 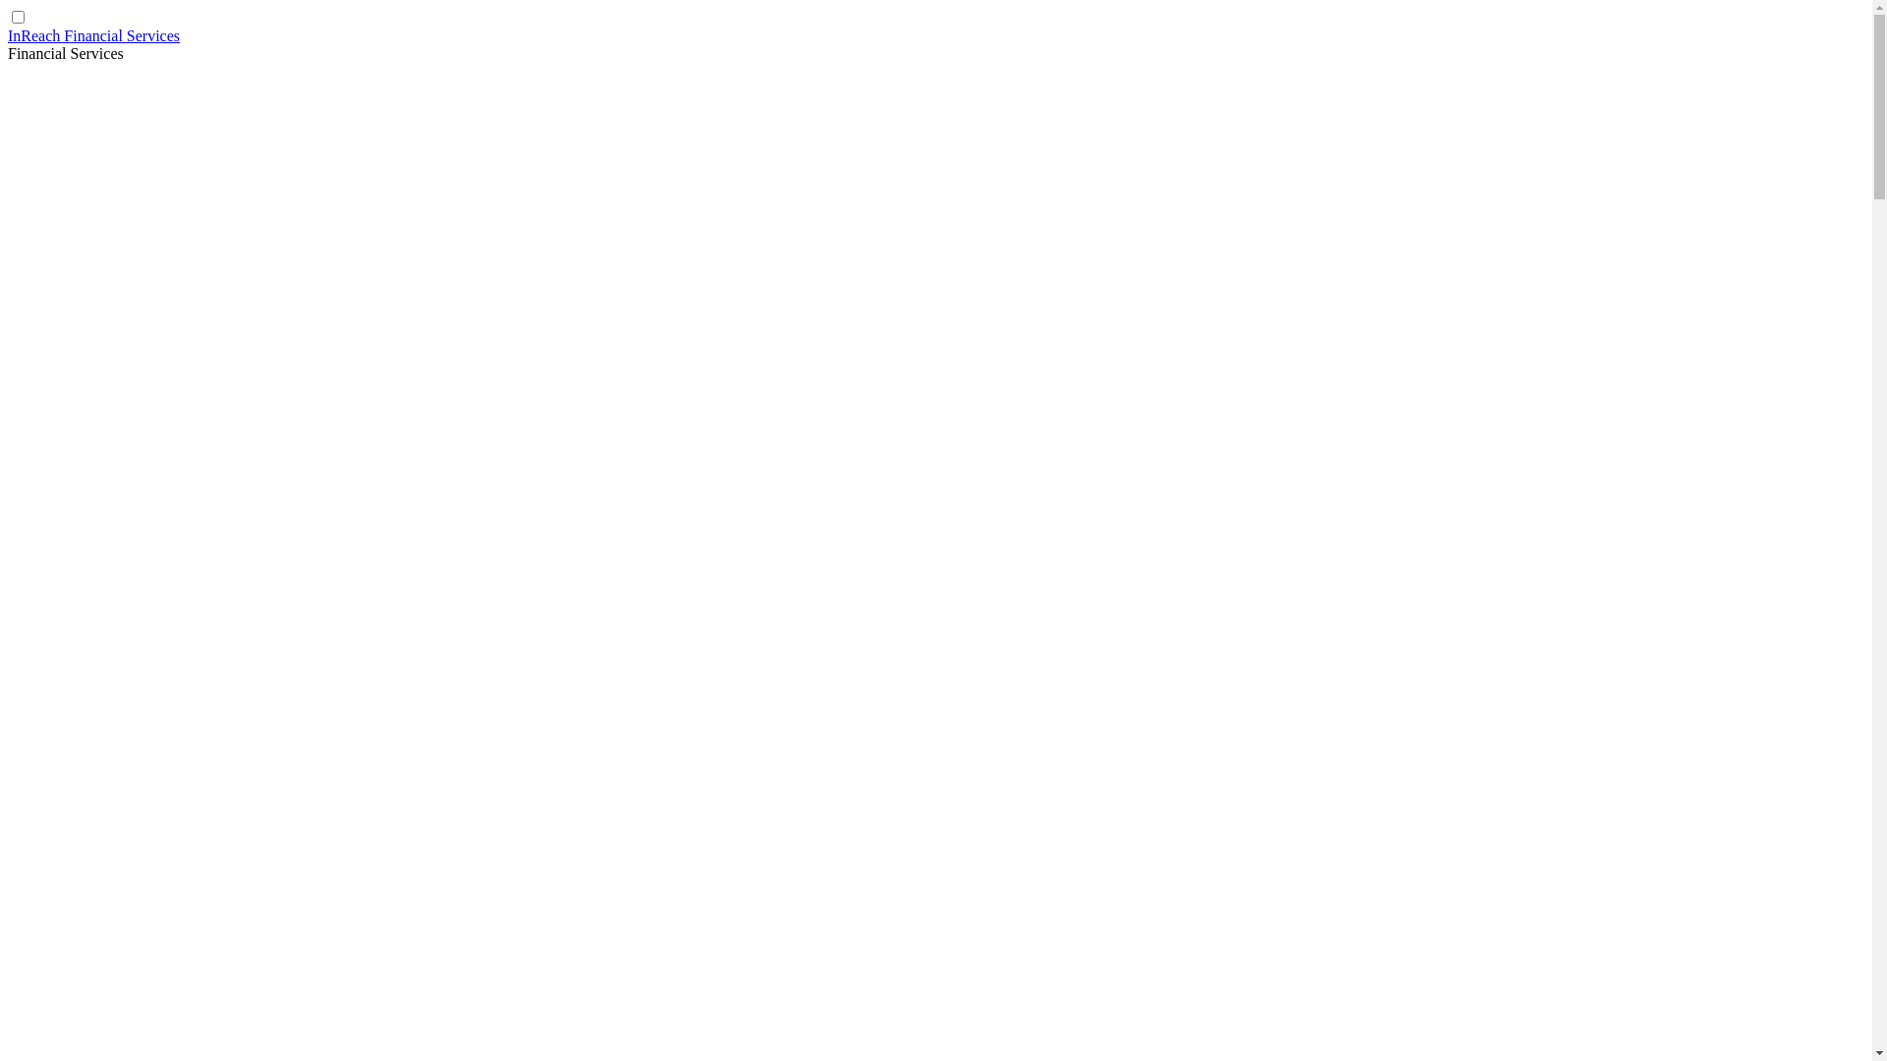 What do you see at coordinates (92, 35) in the screenshot?
I see `'InReach Financial Services'` at bounding box center [92, 35].